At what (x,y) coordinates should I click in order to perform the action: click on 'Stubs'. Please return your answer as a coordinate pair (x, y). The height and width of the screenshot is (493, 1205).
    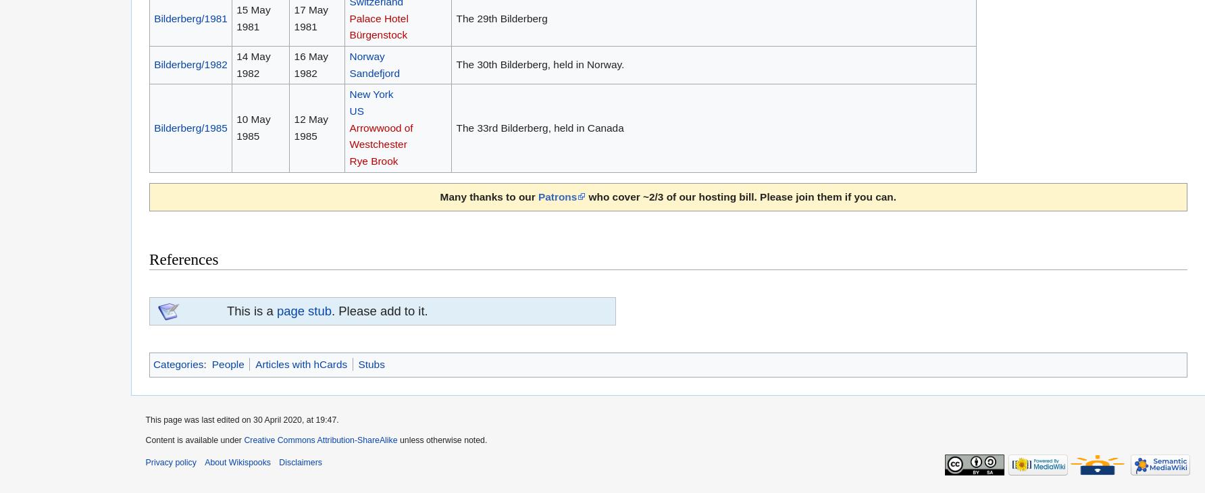
    Looking at the image, I should click on (371, 363).